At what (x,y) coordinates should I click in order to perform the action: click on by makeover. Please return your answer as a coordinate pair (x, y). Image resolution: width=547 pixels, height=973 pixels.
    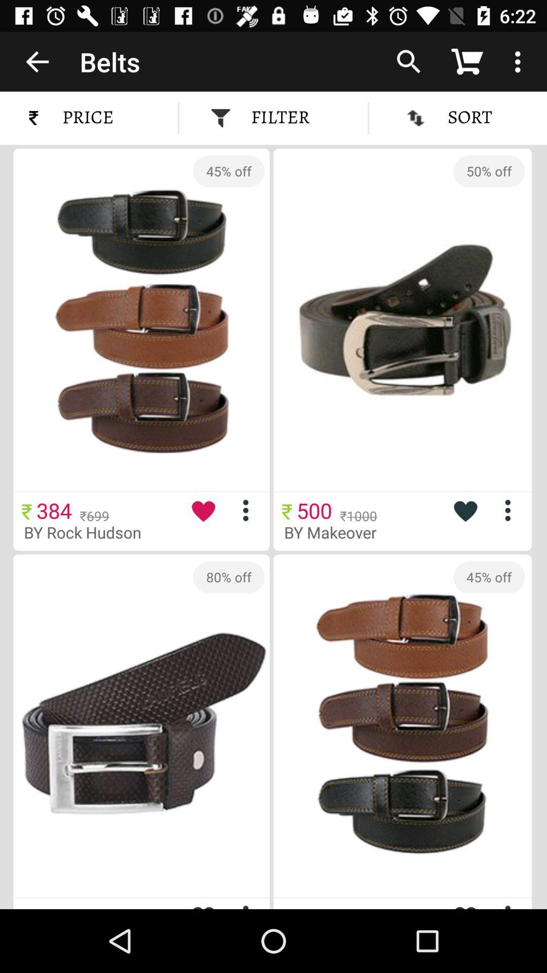
    Looking at the image, I should click on (338, 532).